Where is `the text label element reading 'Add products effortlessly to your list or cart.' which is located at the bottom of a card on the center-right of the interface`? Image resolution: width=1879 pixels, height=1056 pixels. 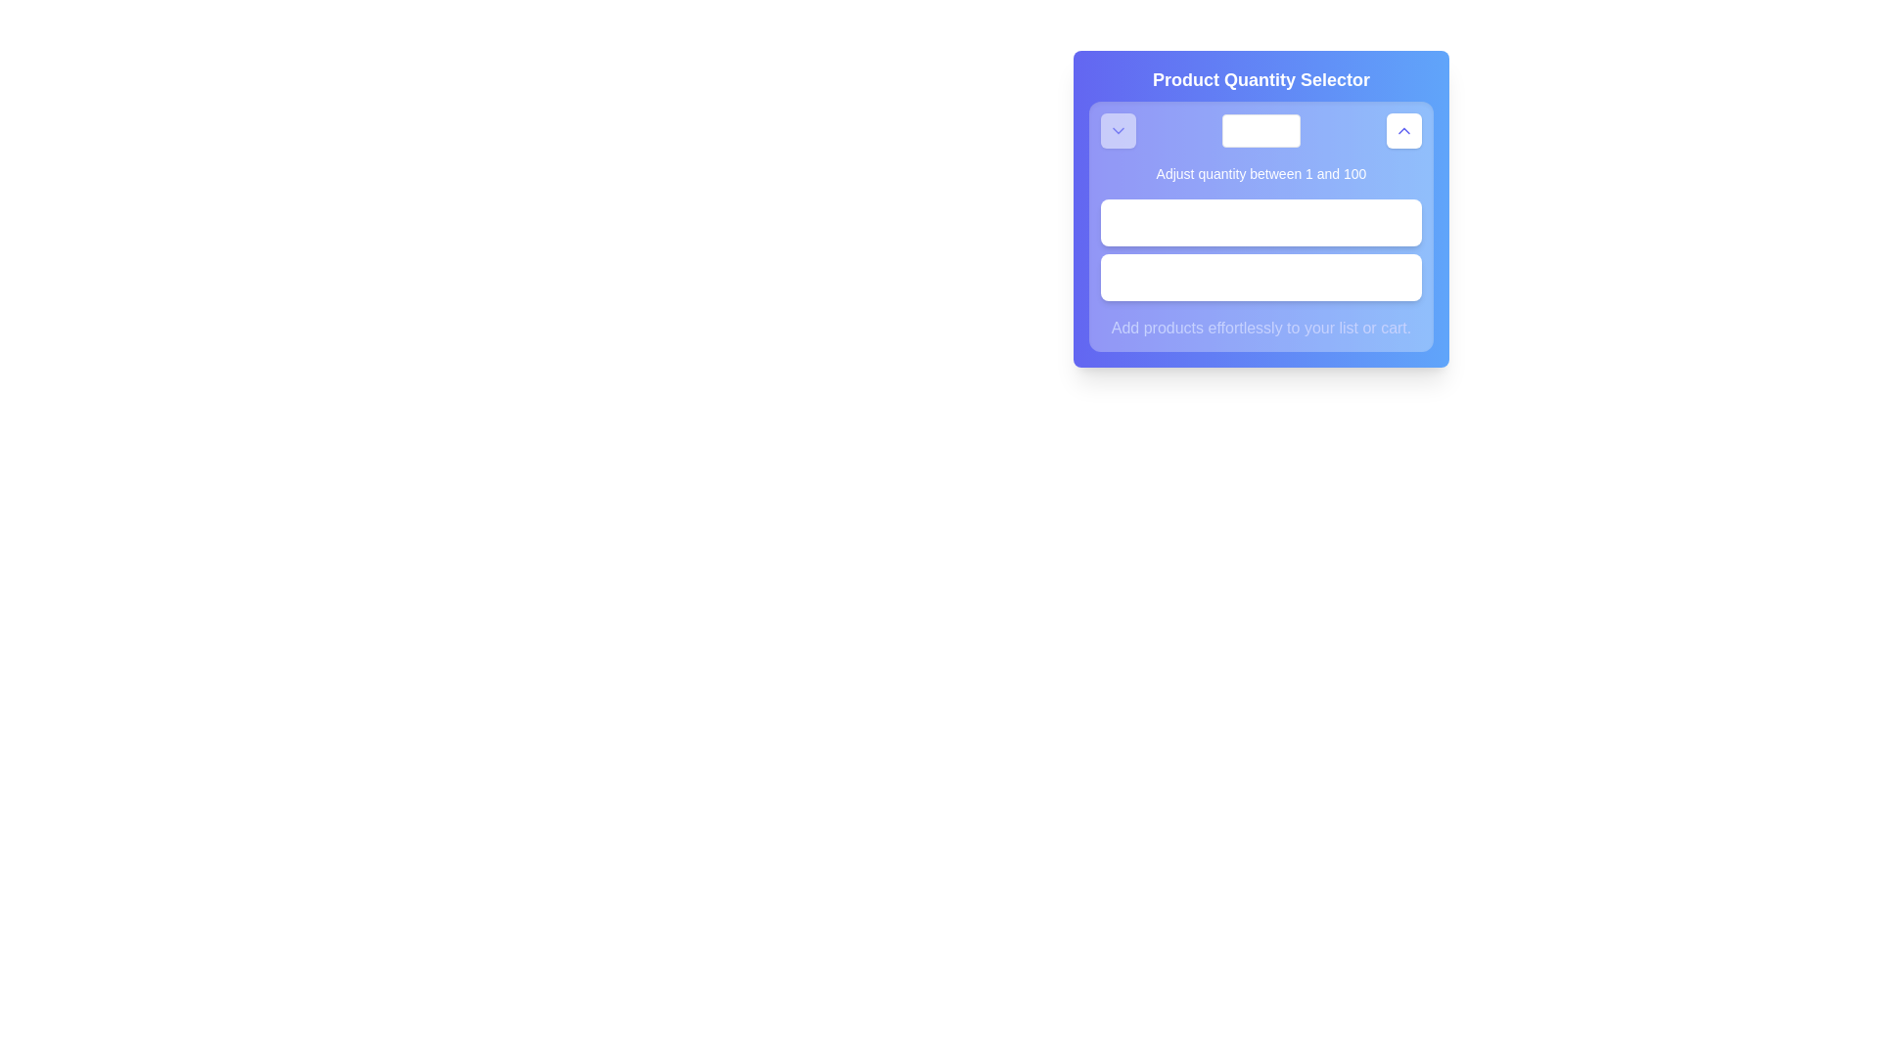
the text label element reading 'Add products effortlessly to your list or cart.' which is located at the bottom of a card on the center-right of the interface is located at coordinates (1261, 327).